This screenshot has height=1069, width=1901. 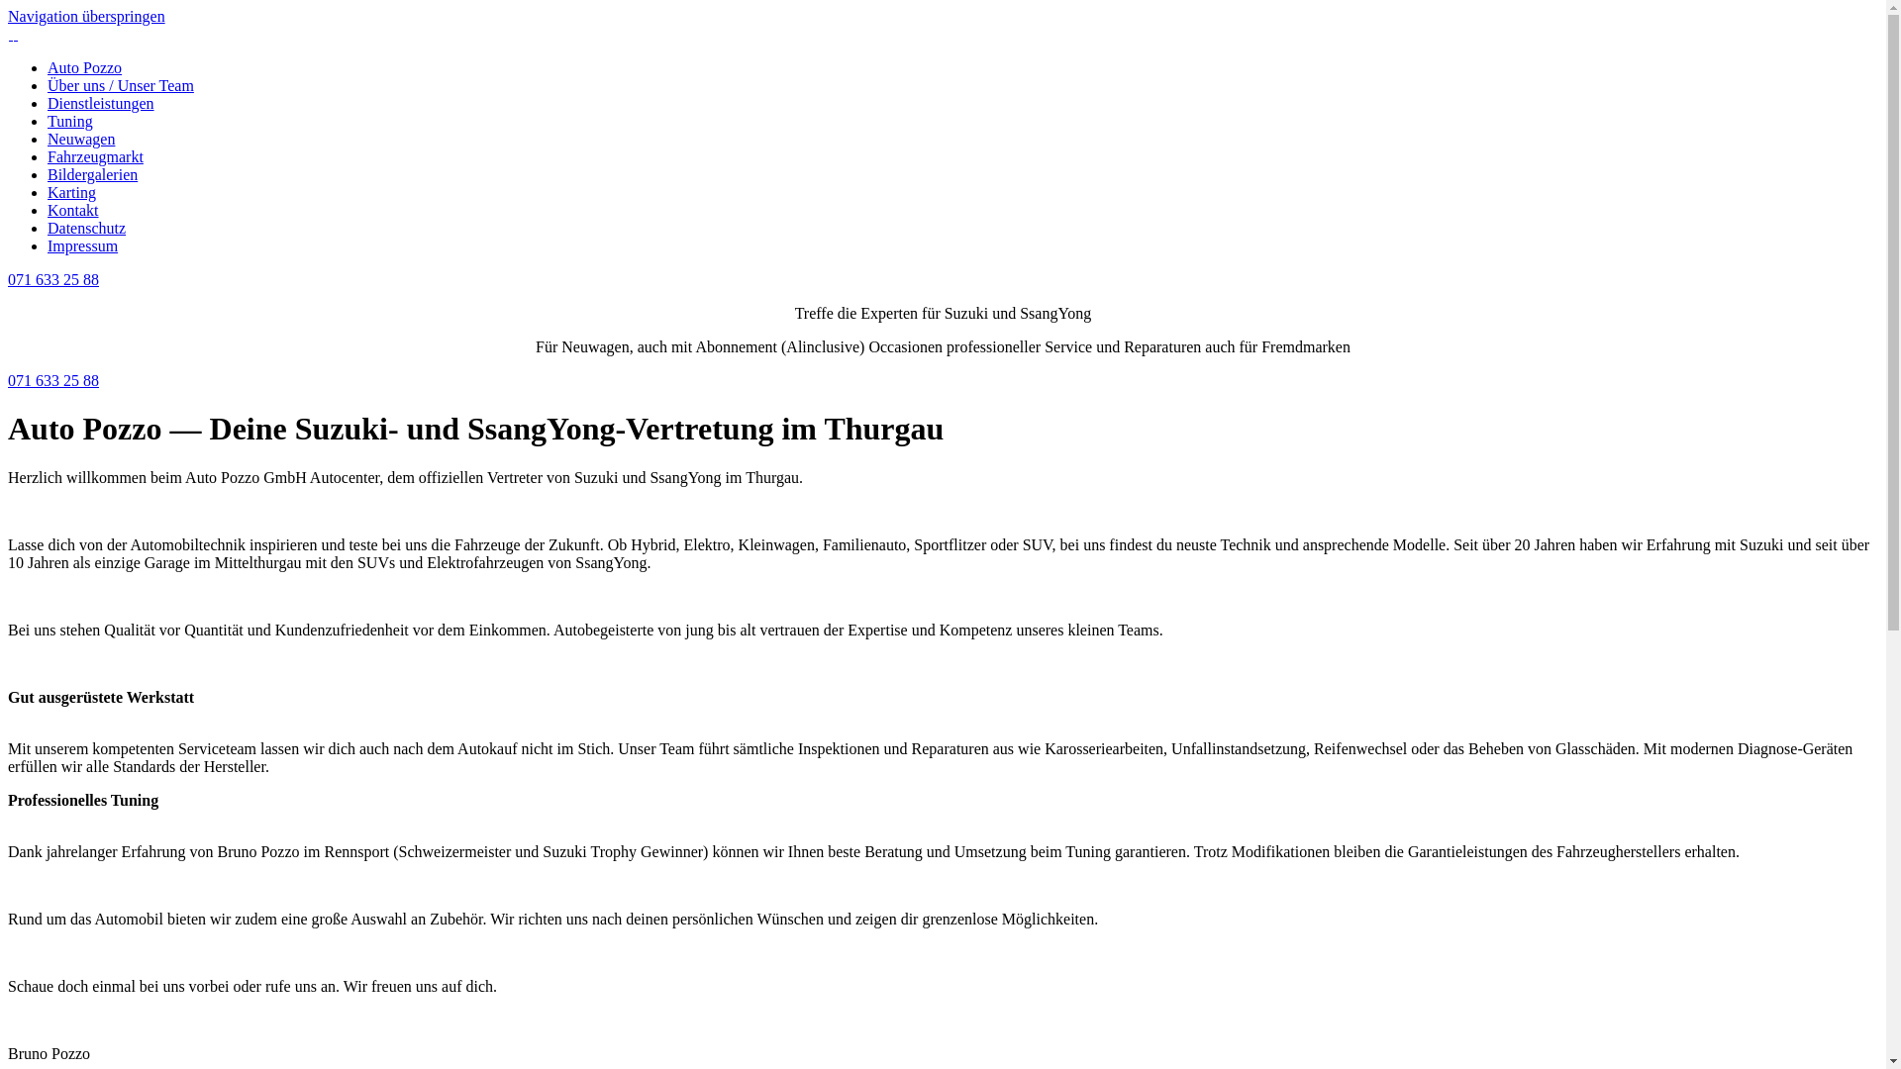 What do you see at coordinates (8, 279) in the screenshot?
I see `'071 633 25 88'` at bounding box center [8, 279].